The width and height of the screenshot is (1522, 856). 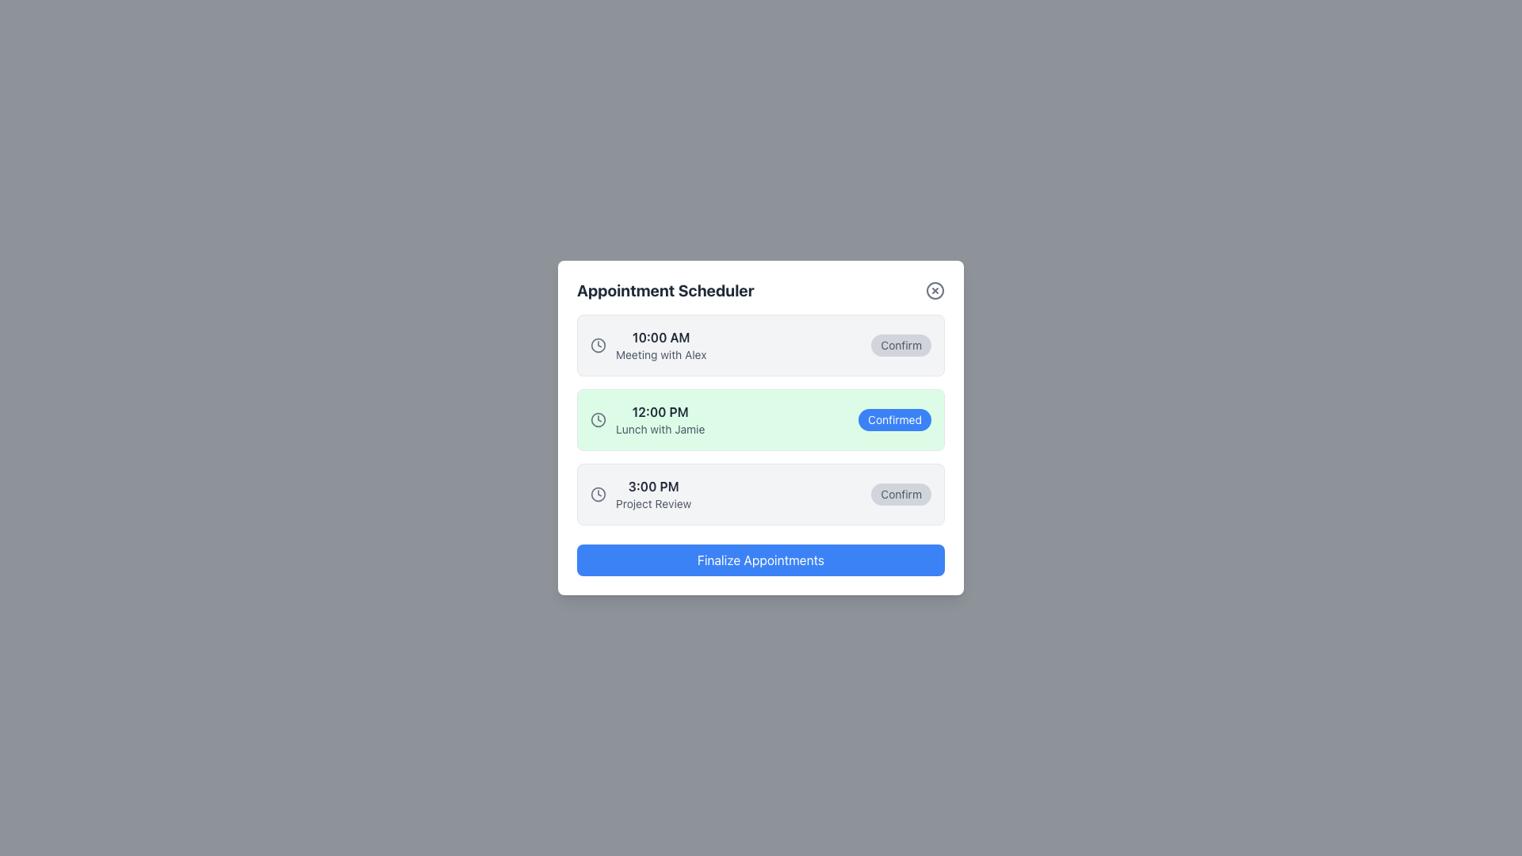 I want to click on the middle appointment time slot in the scheduler, which contains details about the scheduled time and event description, so click(x=660, y=418).